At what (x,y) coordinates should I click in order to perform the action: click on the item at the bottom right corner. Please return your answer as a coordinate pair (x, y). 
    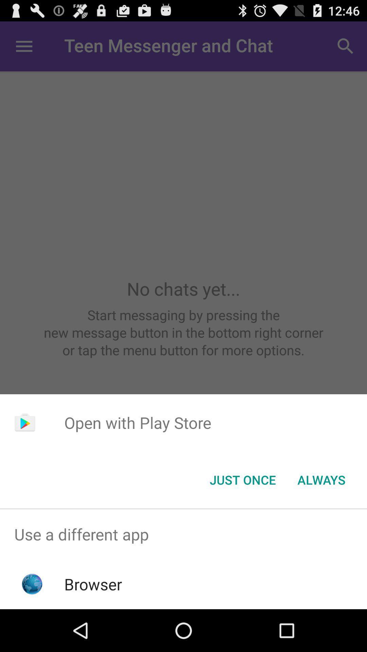
    Looking at the image, I should click on (321, 479).